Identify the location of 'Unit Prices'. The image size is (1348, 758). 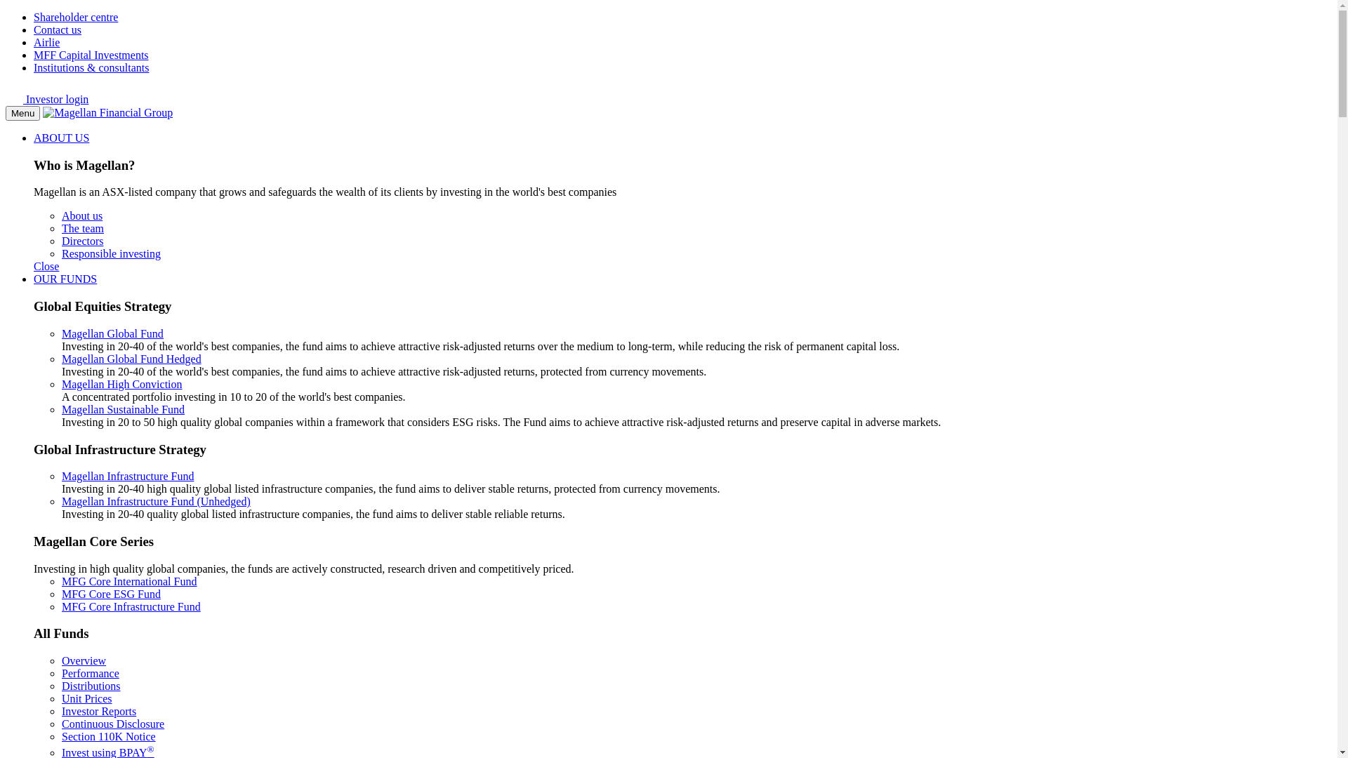
(86, 698).